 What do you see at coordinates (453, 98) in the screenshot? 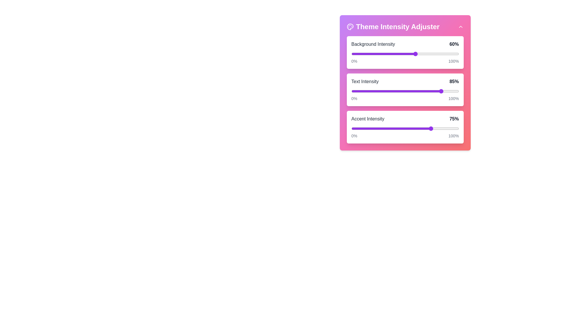
I see `the text label displaying '100%' located at the far-right end of the 'Text Intensity' slider, which serves as an indicator for the maximum intensity level` at bounding box center [453, 98].